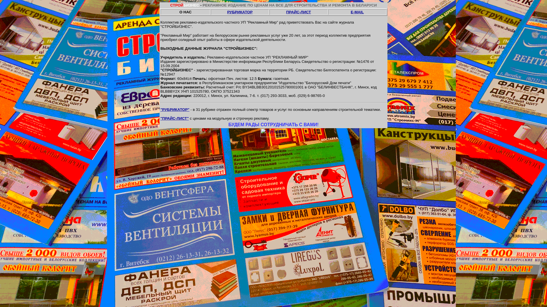  I want to click on 'E-MAIL', so click(357, 12).